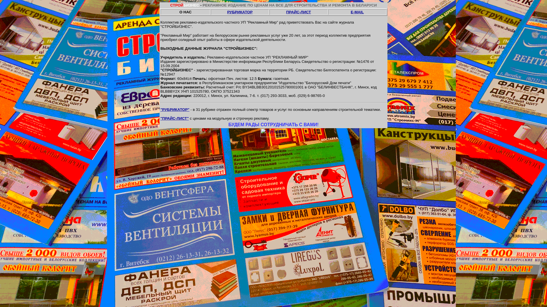  I want to click on 'E-MAIL', so click(357, 12).